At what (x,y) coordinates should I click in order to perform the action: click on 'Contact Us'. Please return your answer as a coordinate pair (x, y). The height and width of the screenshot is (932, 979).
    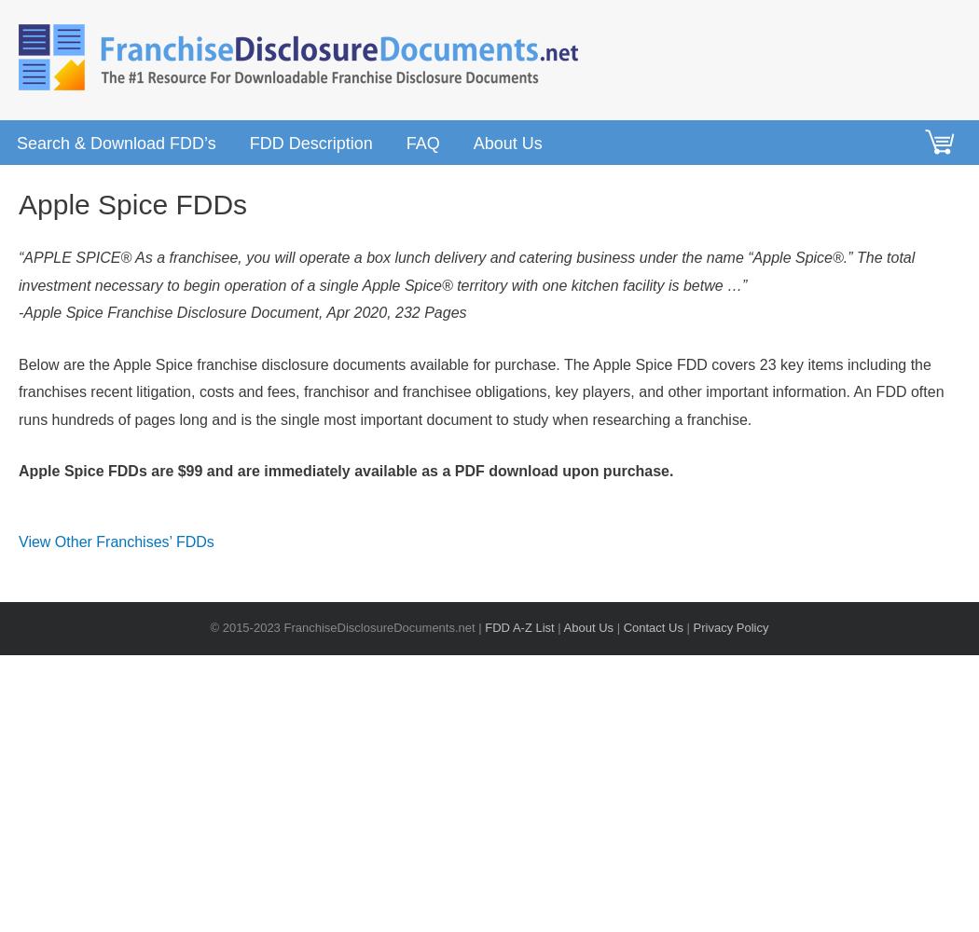
    Looking at the image, I should click on (653, 627).